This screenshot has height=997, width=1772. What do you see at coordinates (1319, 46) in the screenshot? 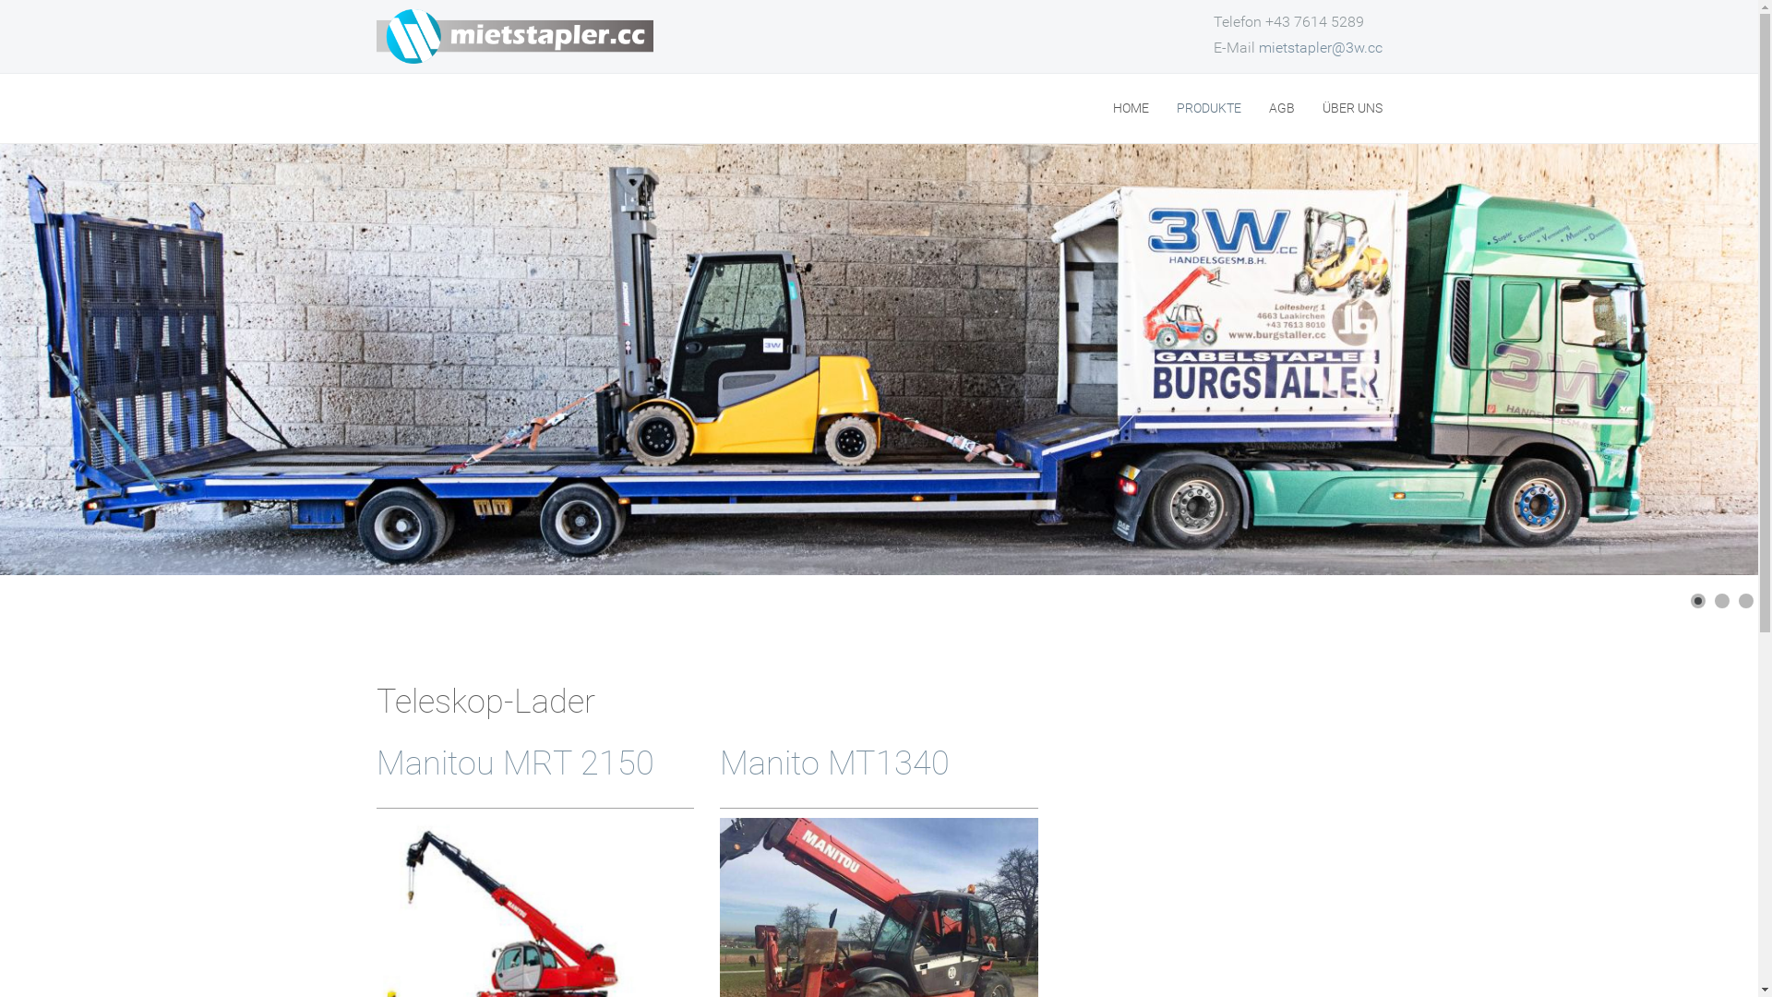
I see `'mietstapler@3w.cc'` at bounding box center [1319, 46].